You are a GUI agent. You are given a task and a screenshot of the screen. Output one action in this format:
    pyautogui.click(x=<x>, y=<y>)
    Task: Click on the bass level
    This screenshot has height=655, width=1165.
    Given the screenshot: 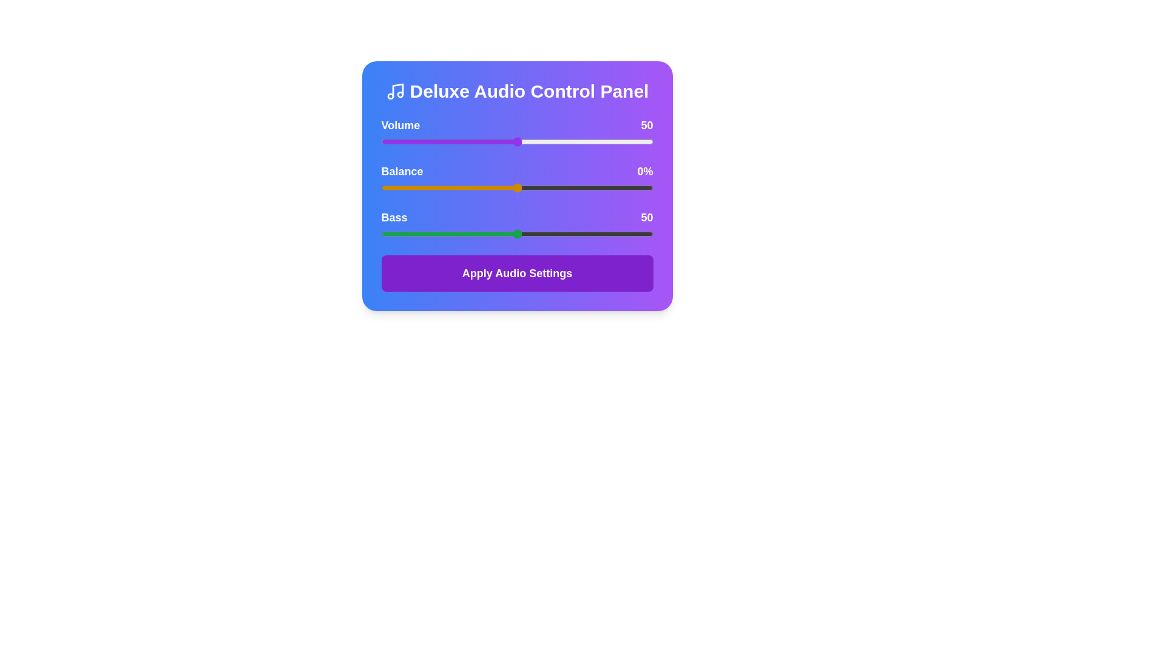 What is the action you would take?
    pyautogui.click(x=419, y=233)
    